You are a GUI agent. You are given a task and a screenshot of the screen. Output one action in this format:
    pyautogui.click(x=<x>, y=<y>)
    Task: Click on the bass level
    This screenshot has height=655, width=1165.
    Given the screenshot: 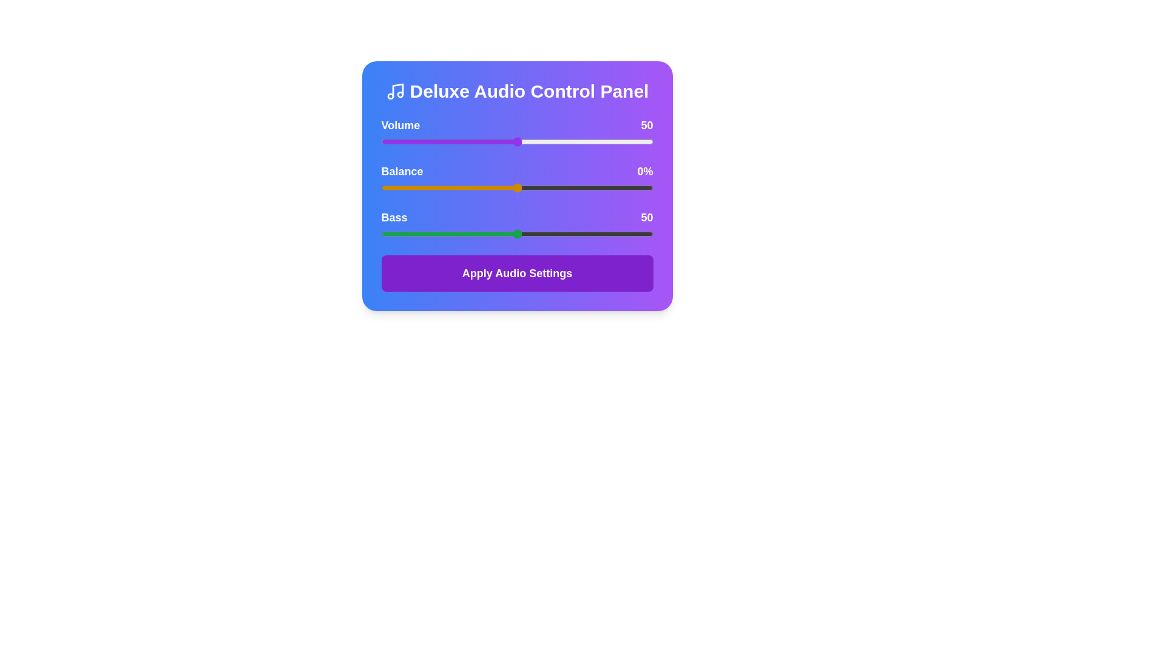 What is the action you would take?
    pyautogui.click(x=419, y=233)
    